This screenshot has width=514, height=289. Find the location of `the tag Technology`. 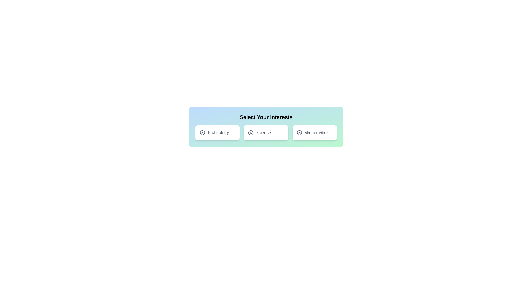

the tag Technology is located at coordinates (217, 132).